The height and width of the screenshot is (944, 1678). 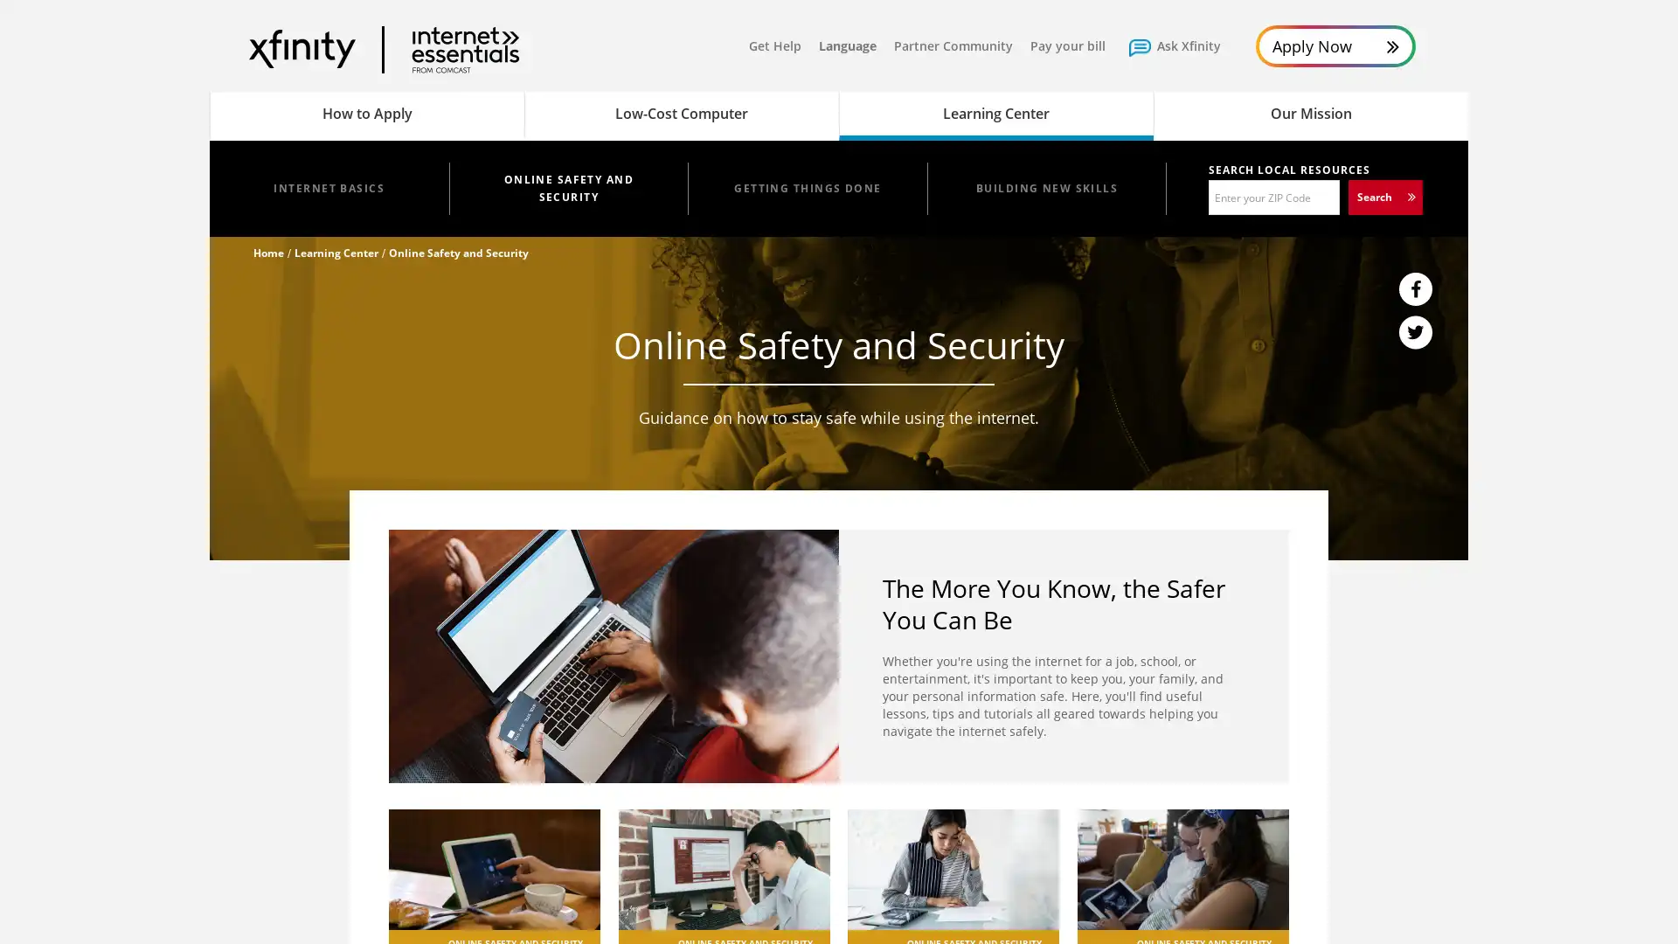 What do you see at coordinates (1335, 42) in the screenshot?
I see `Apply Now` at bounding box center [1335, 42].